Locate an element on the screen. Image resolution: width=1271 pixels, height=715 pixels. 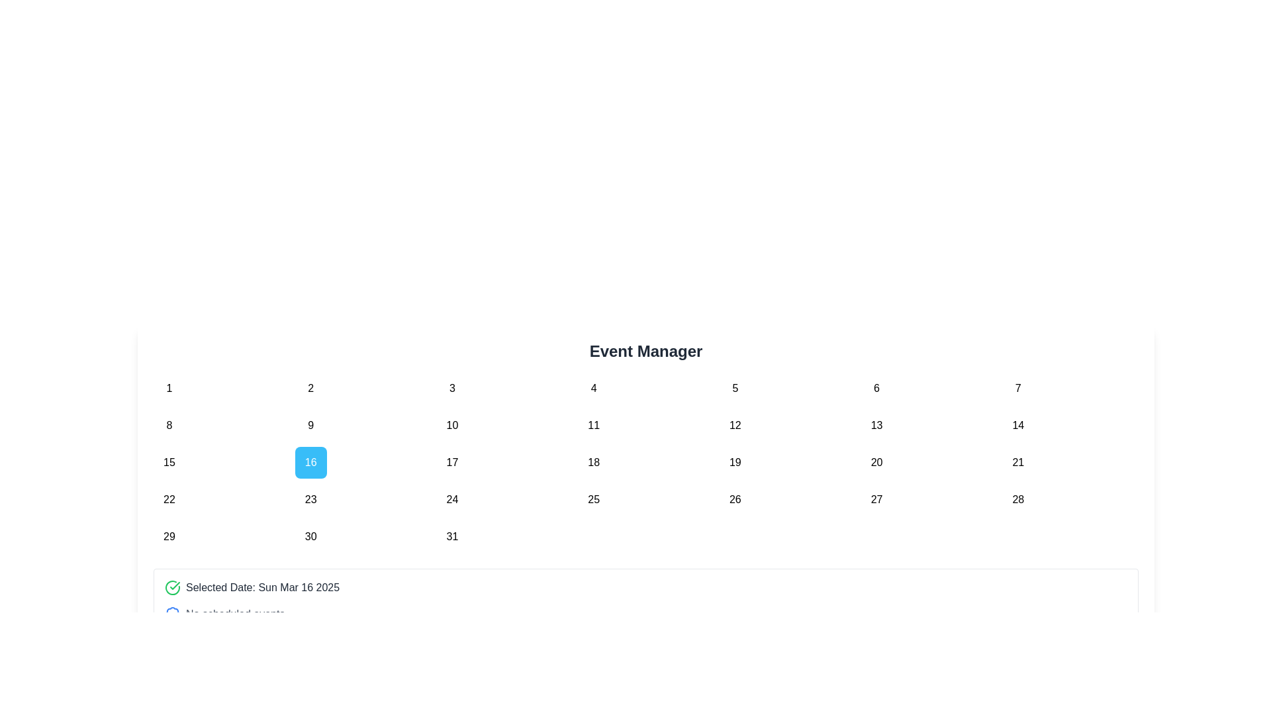
the date selection button representing the 9th day of the current month in the calendar grid is located at coordinates (310, 426).